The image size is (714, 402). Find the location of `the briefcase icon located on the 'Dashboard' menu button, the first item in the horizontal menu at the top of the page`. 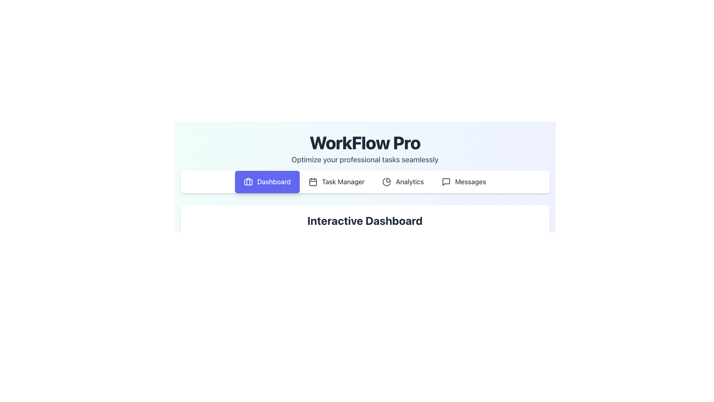

the briefcase icon located on the 'Dashboard' menu button, the first item in the horizontal menu at the top of the page is located at coordinates (248, 182).